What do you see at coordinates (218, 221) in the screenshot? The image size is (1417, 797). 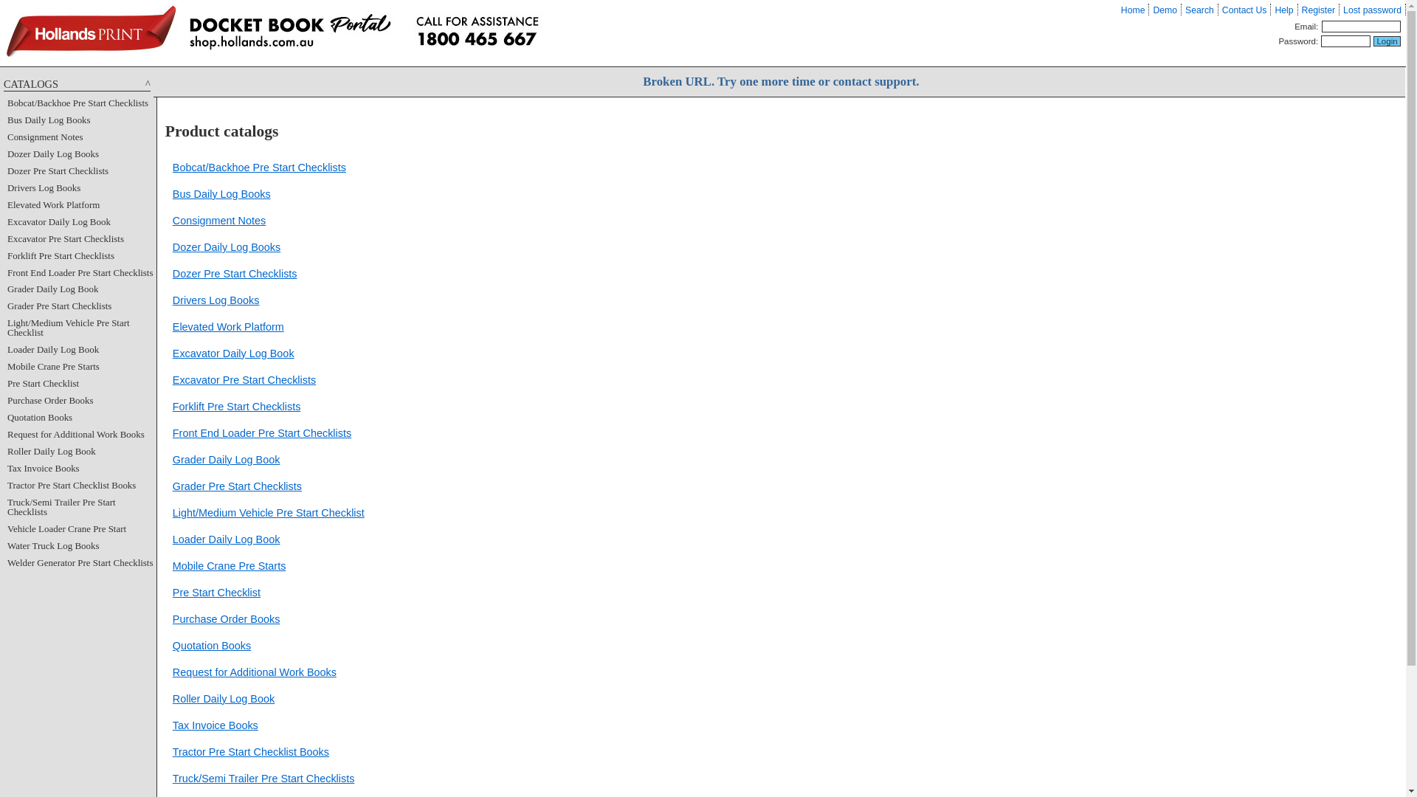 I see `'Consignment Notes'` at bounding box center [218, 221].